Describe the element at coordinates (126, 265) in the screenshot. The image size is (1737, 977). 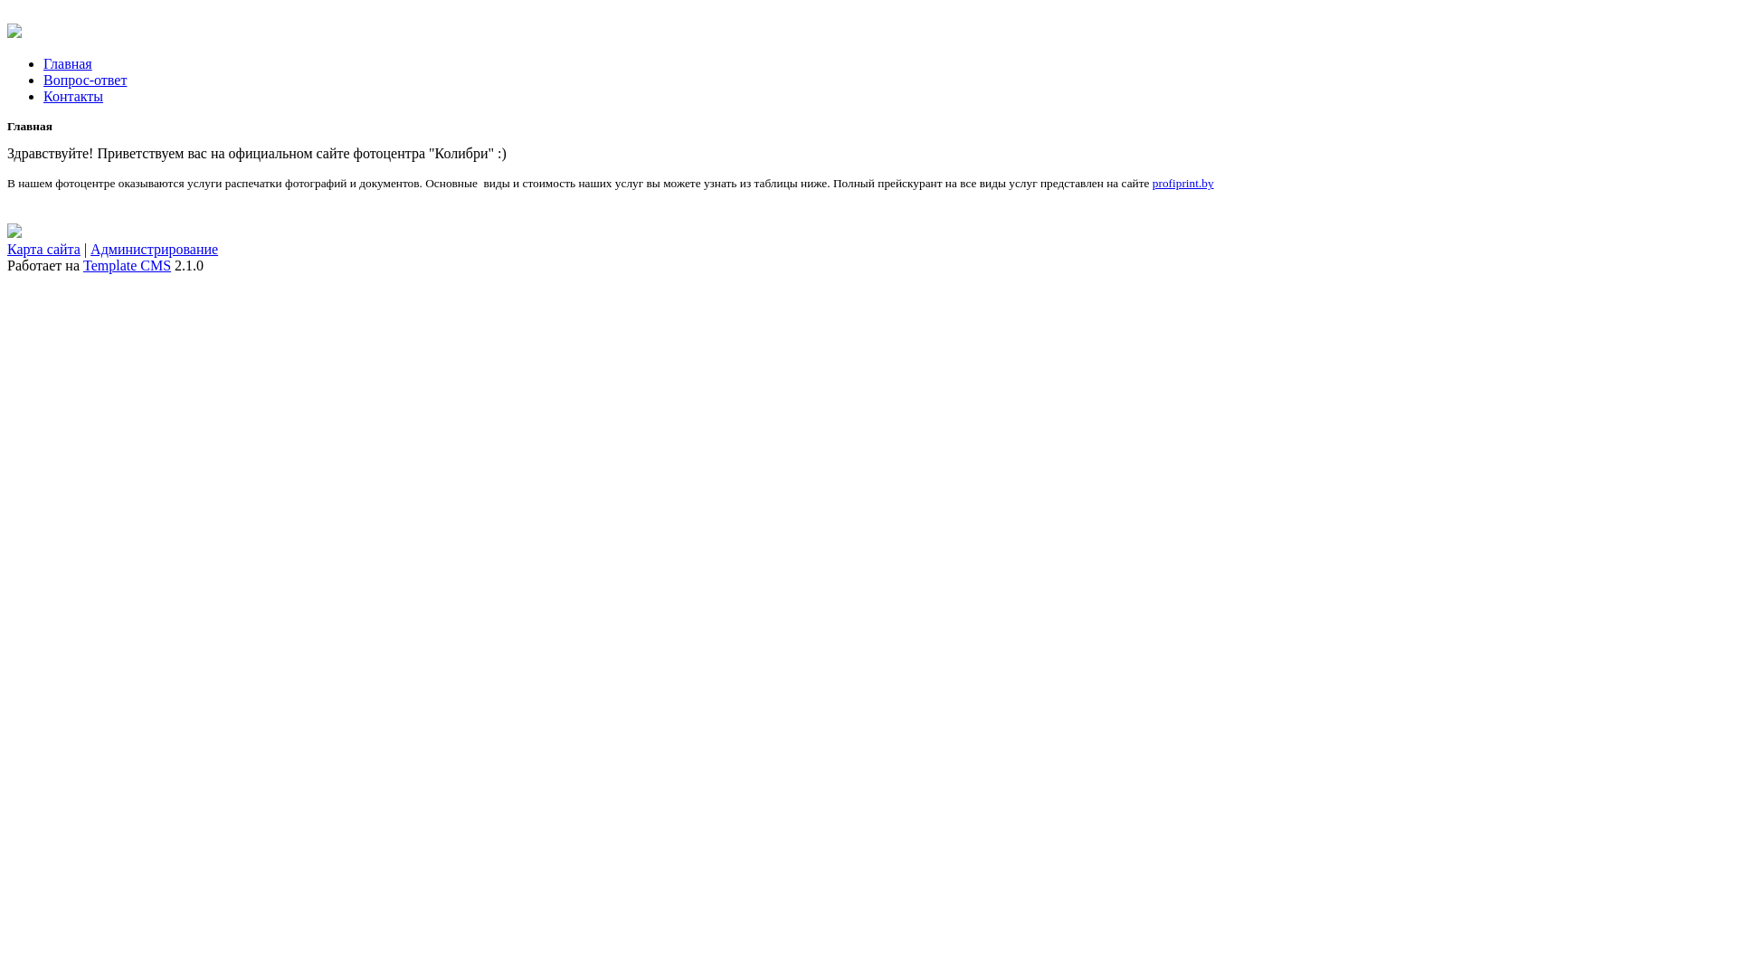
I see `'Template CMS'` at that location.